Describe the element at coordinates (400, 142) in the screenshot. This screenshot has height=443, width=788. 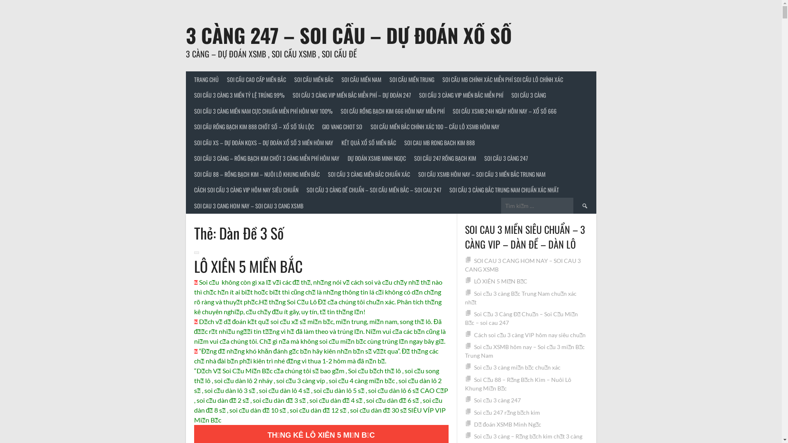
I see `'SOI CAU MB RONG BACH KIM 888'` at that location.